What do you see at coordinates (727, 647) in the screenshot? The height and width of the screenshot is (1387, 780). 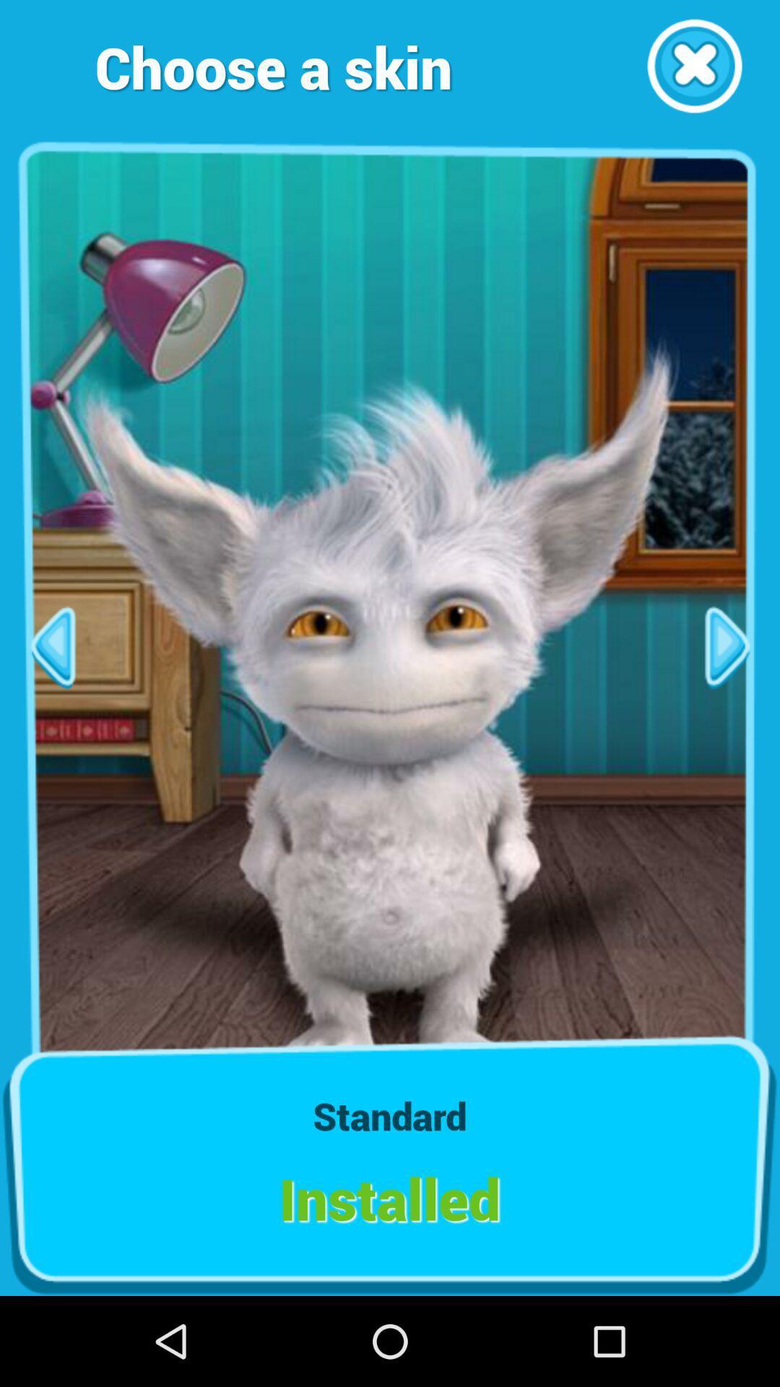 I see `next page` at bounding box center [727, 647].